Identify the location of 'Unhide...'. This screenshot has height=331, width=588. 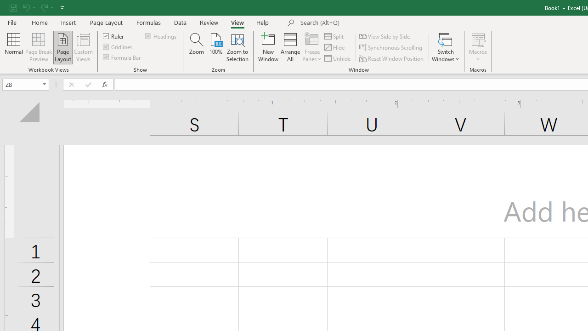
(338, 58).